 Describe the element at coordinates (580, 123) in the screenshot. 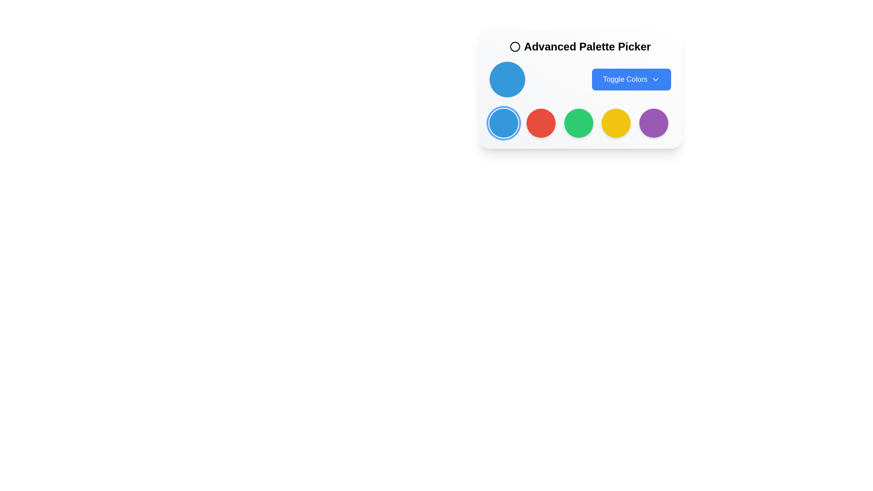

I see `the interactive circular color element within the 'Advanced Palette Picker'` at that location.